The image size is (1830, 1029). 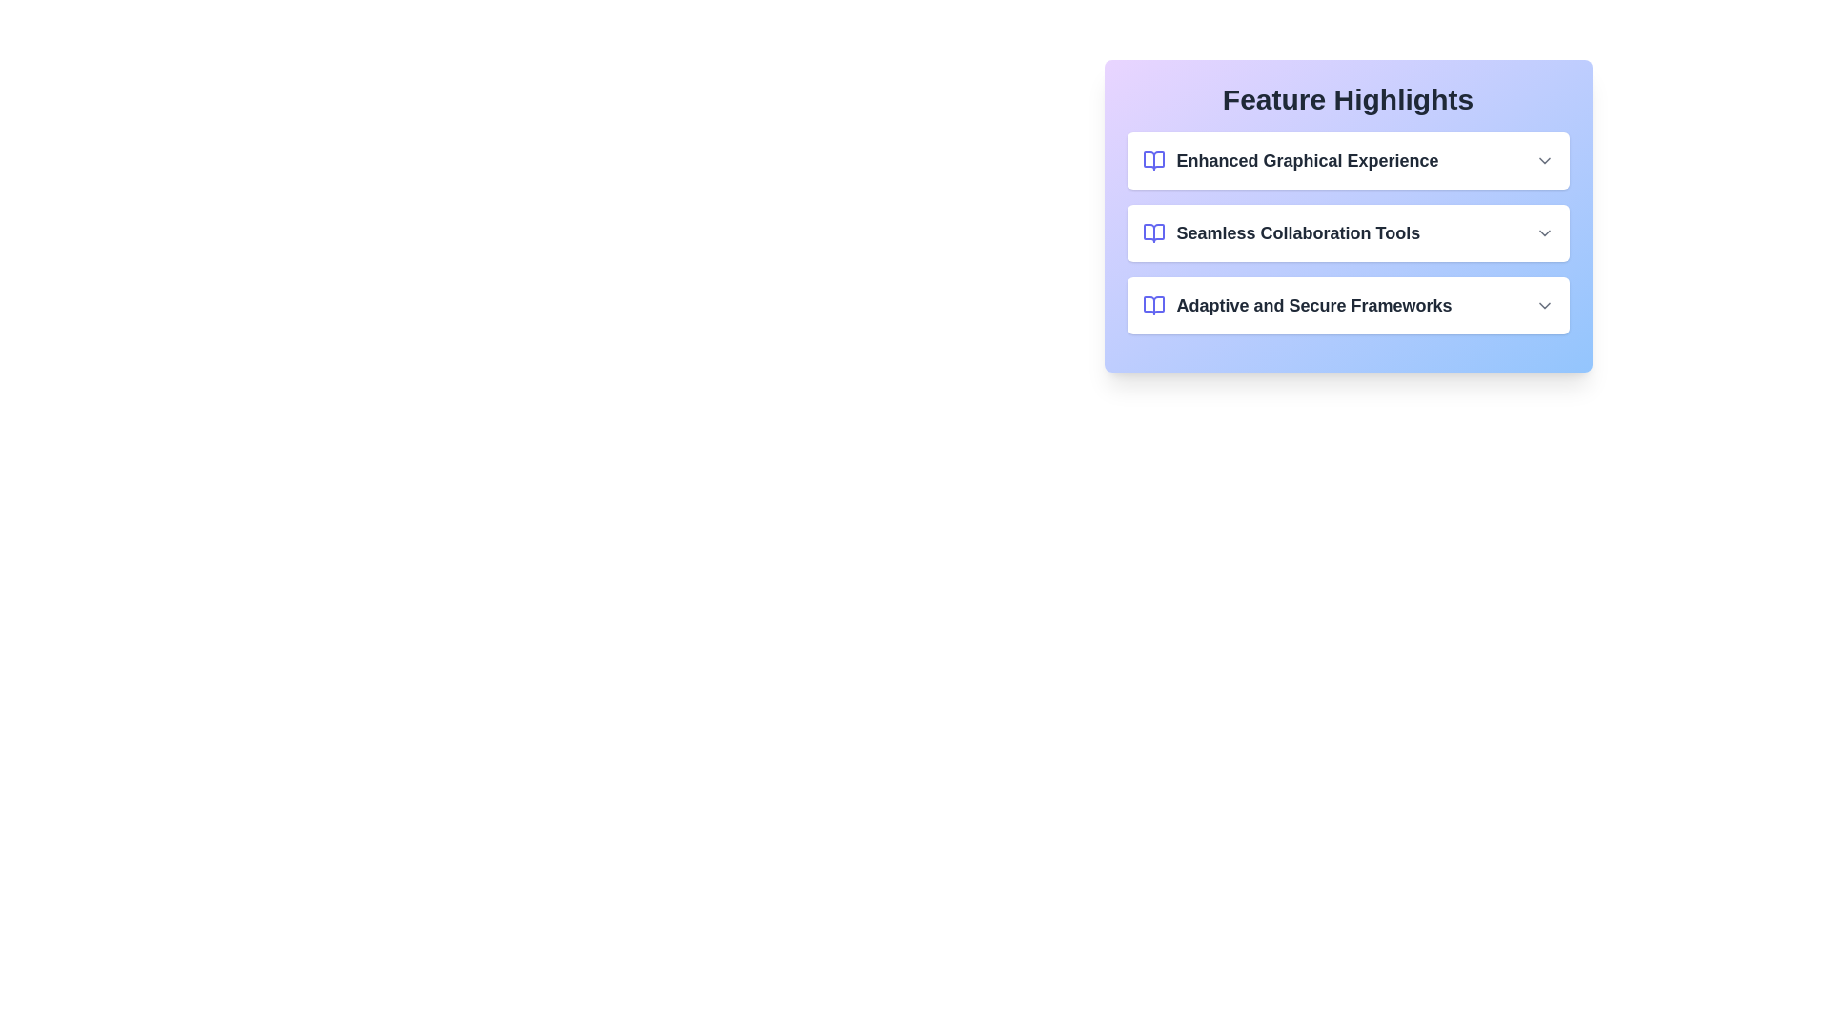 I want to click on the lower part of the open book icon located to the left of the 'Enhanced Graphical Experience' label, so click(x=1152, y=160).